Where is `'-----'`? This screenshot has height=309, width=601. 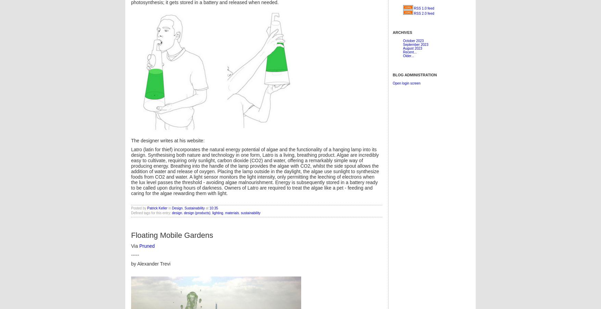 '-----' is located at coordinates (135, 254).